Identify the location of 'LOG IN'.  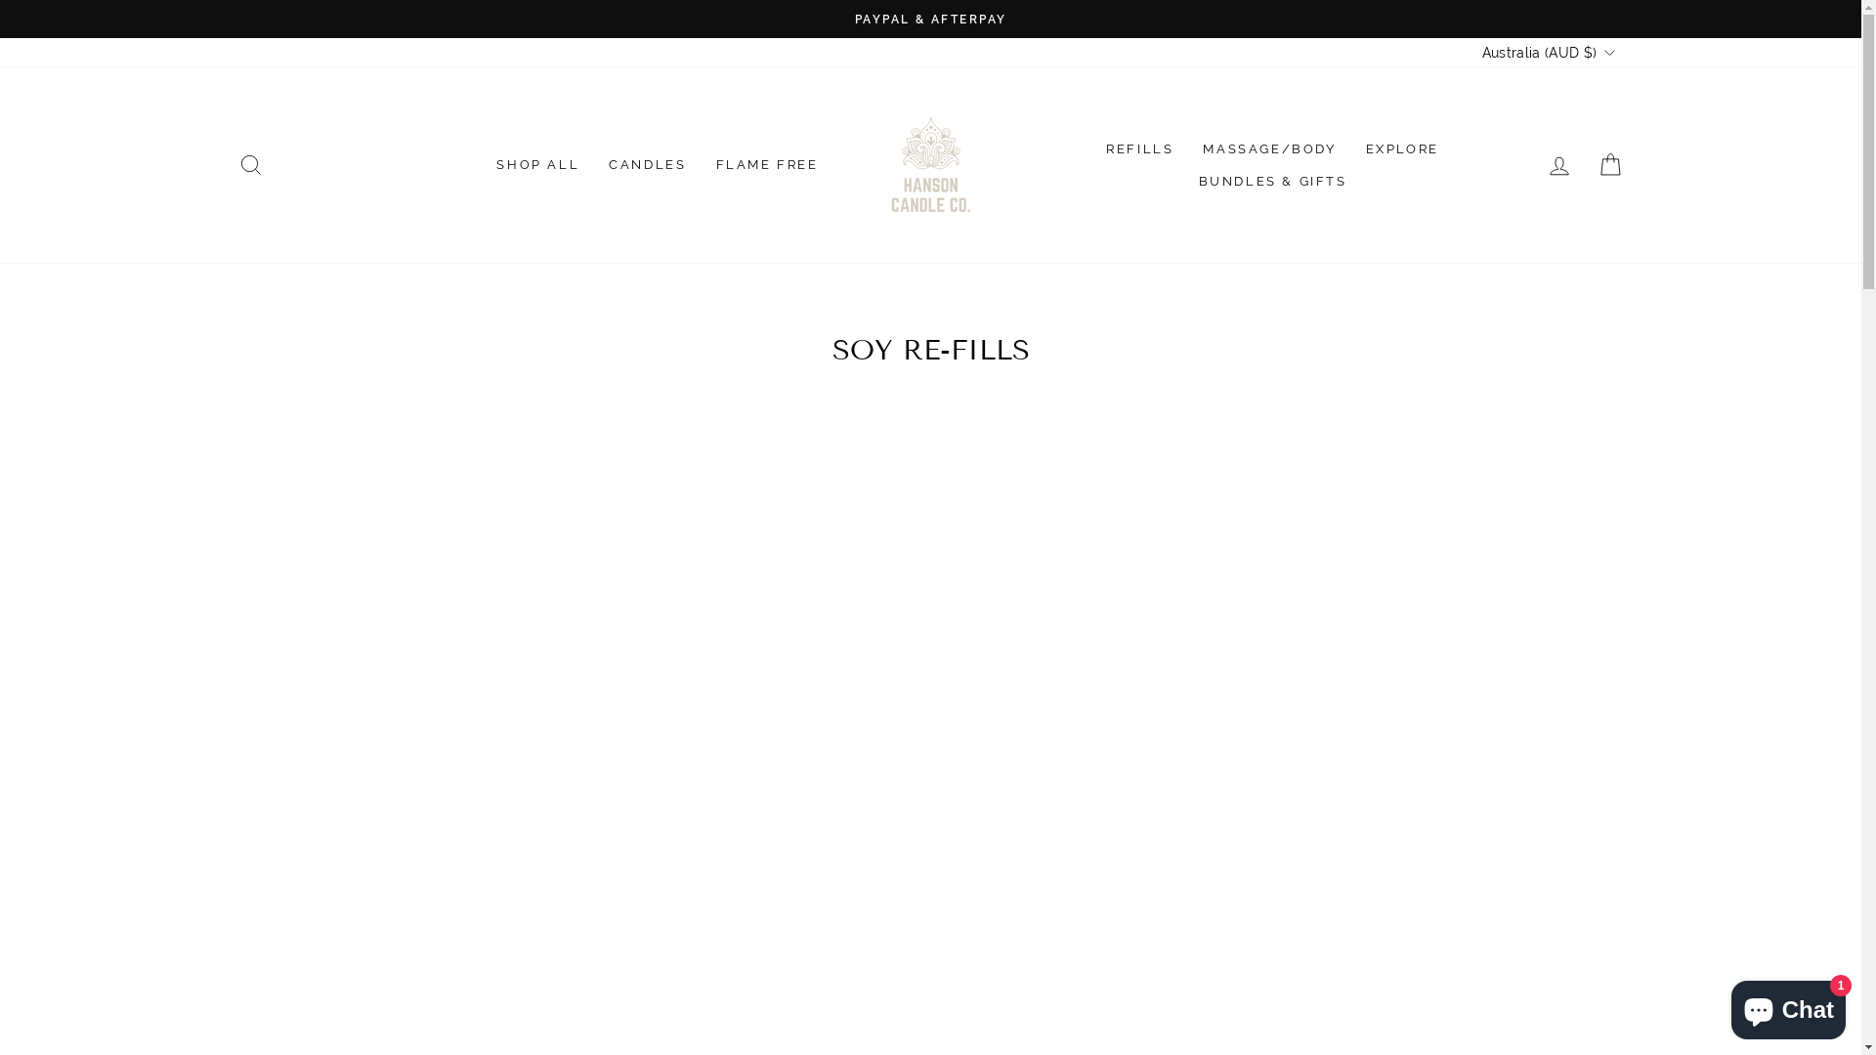
(1558, 164).